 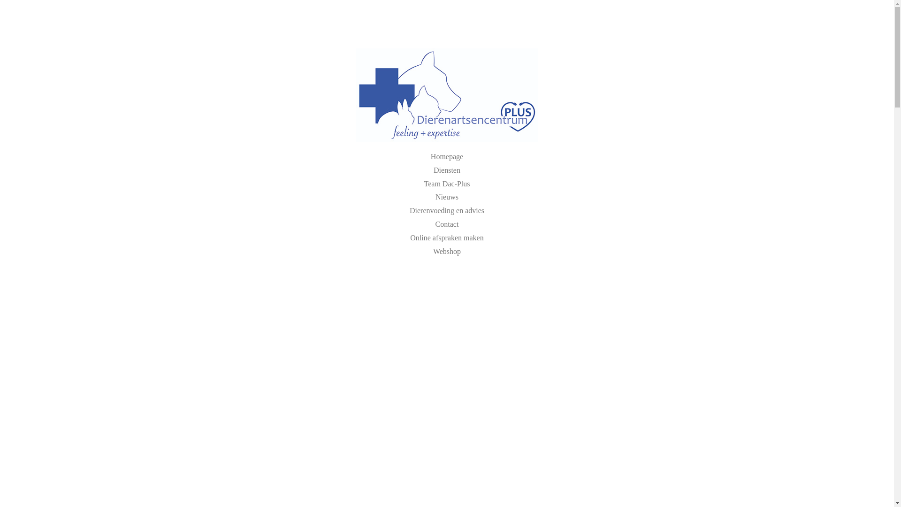 What do you see at coordinates (446, 237) in the screenshot?
I see `'Online afspraken maken'` at bounding box center [446, 237].